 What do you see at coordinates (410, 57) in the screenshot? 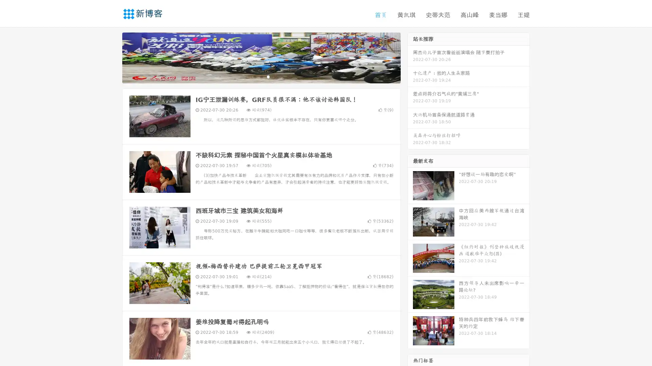
I see `Next slide` at bounding box center [410, 57].